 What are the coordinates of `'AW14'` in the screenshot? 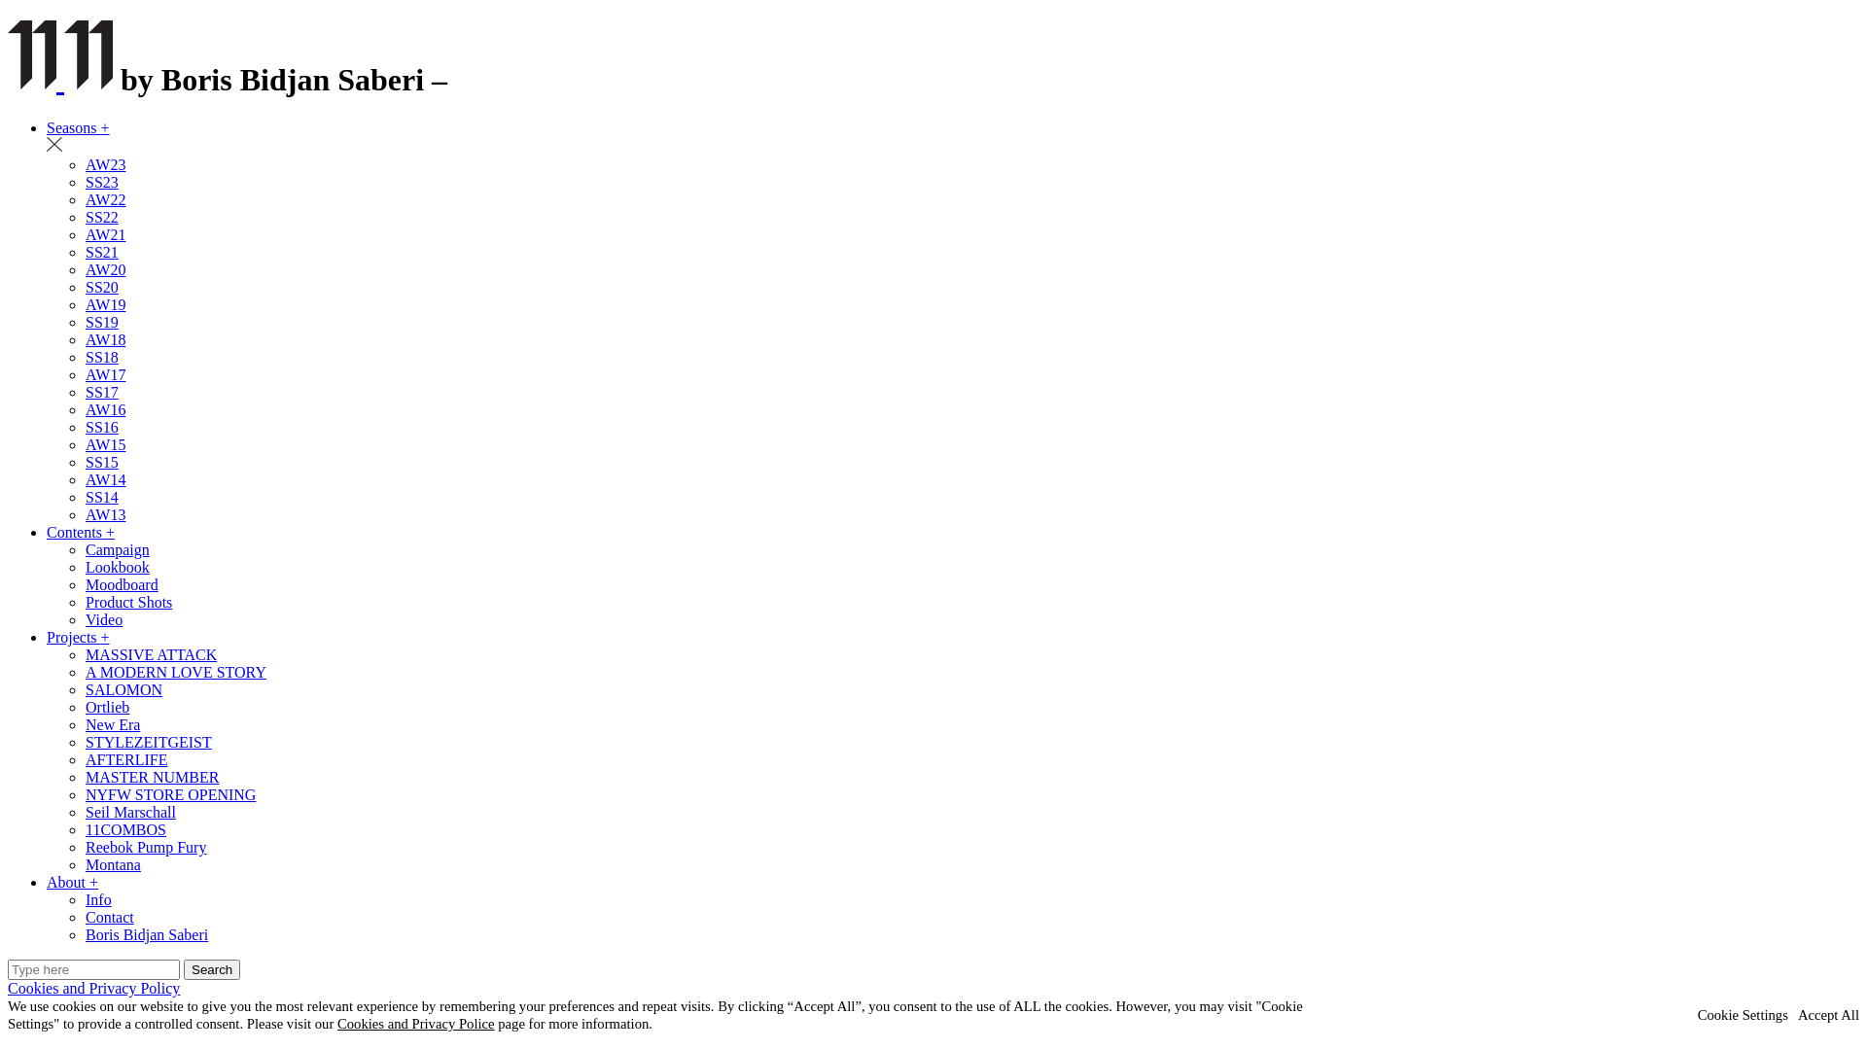 It's located at (104, 479).